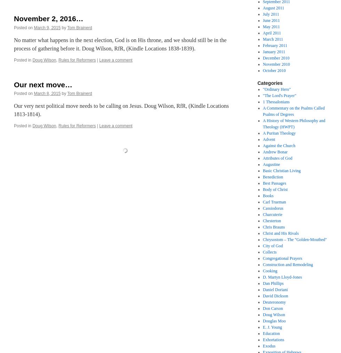 The height and width of the screenshot is (353, 341). I want to click on 'March 2011', so click(273, 39).